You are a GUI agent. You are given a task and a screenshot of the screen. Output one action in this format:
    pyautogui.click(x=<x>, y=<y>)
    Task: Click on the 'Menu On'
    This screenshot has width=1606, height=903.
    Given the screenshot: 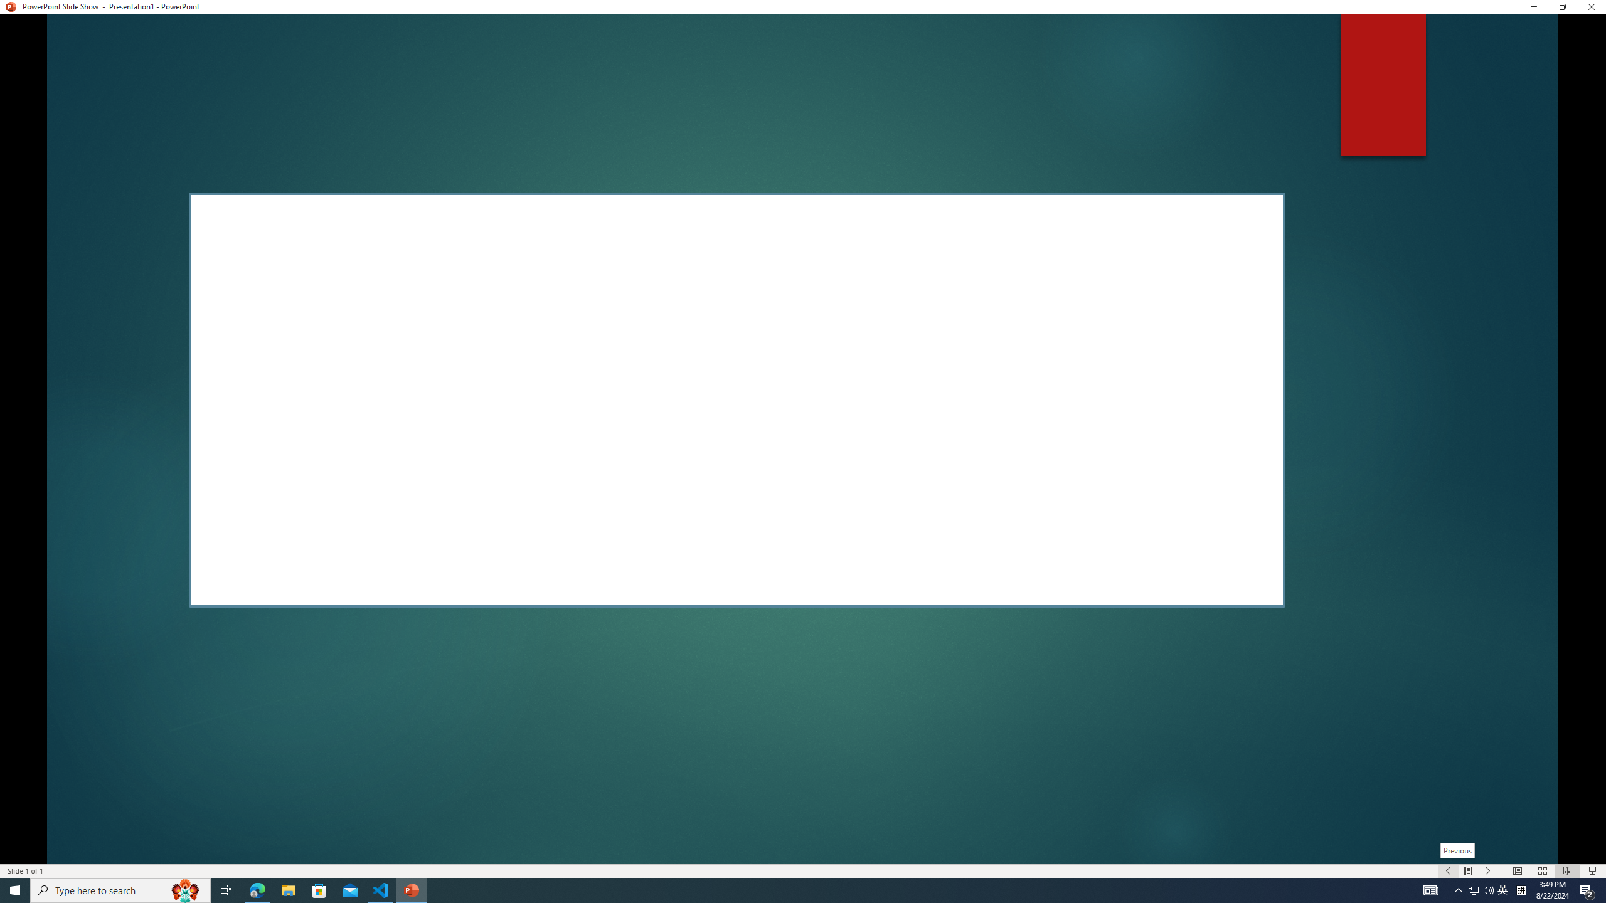 What is the action you would take?
    pyautogui.click(x=1468, y=871)
    